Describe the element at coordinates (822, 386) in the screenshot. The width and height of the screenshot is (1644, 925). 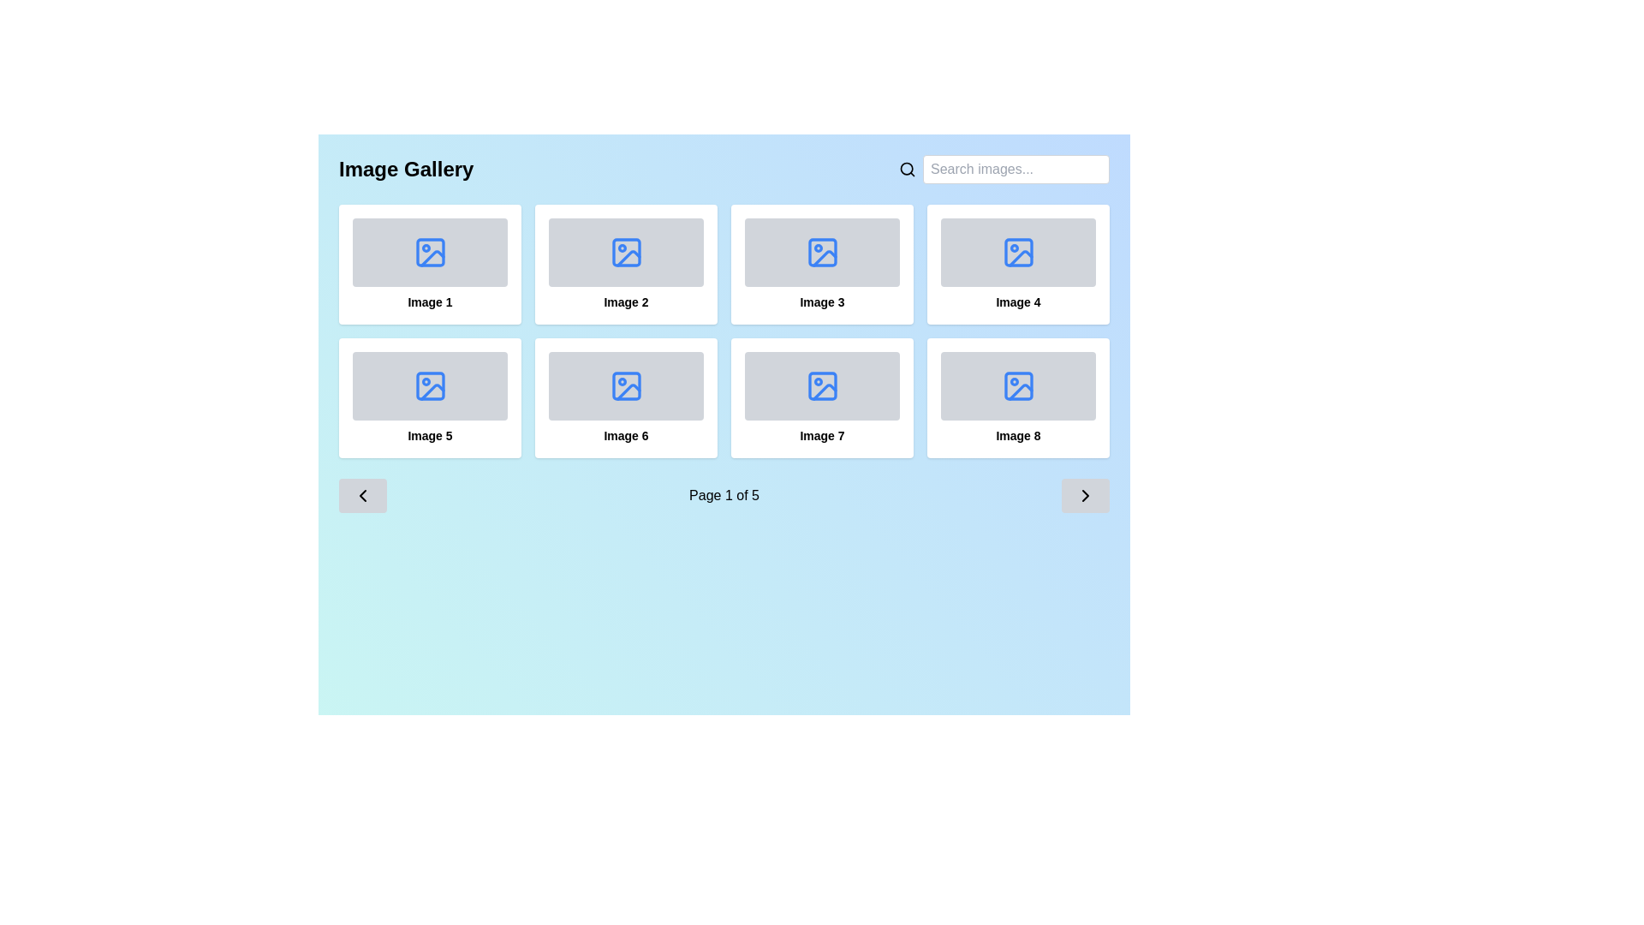
I see `the icon located in the seventh box of an 8-box grid layout, positioned in the bottom row and third column, beneath the title 'Image Gallery'` at that location.